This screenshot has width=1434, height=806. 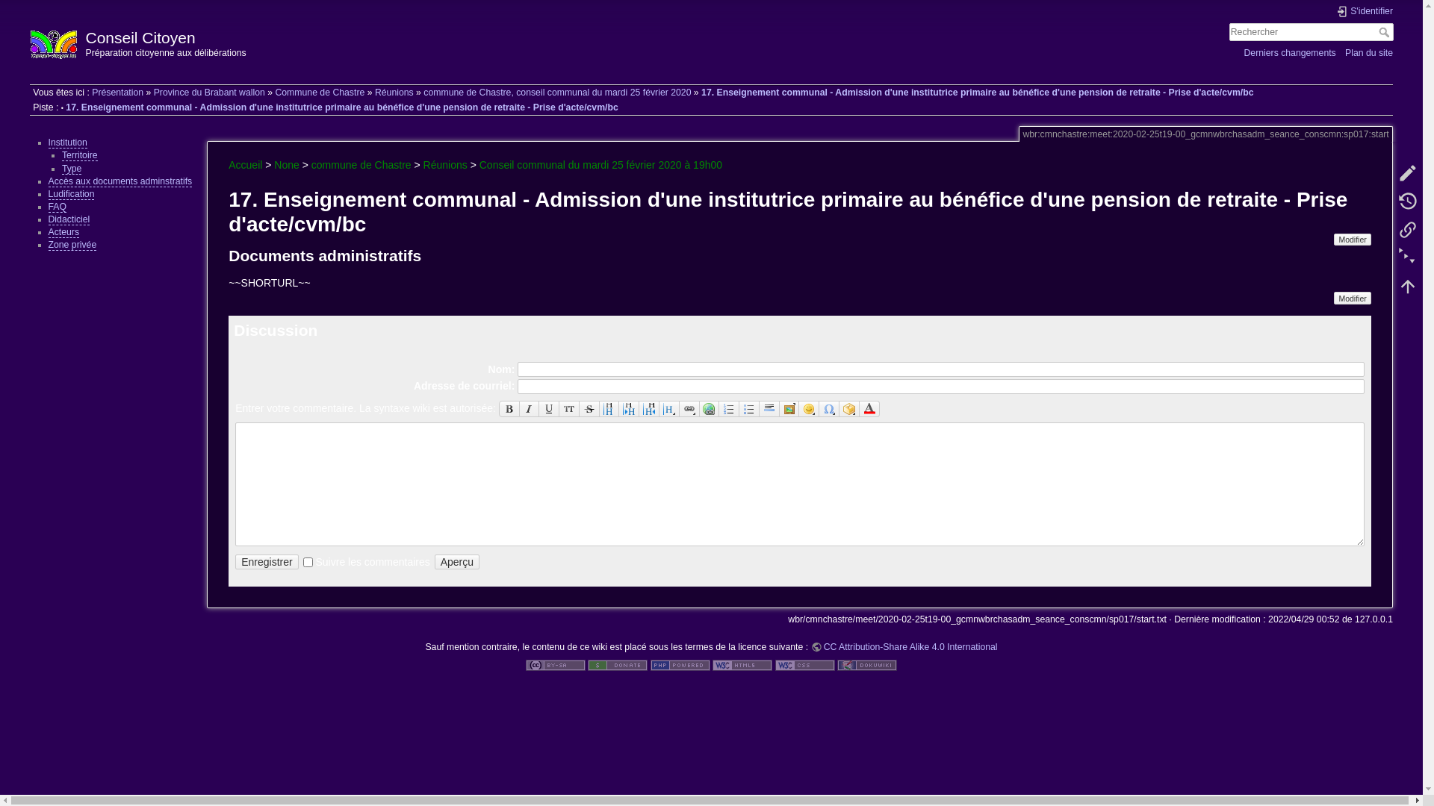 I want to click on 'CC Attribution-Share Alike 4.0 International', so click(x=903, y=646).